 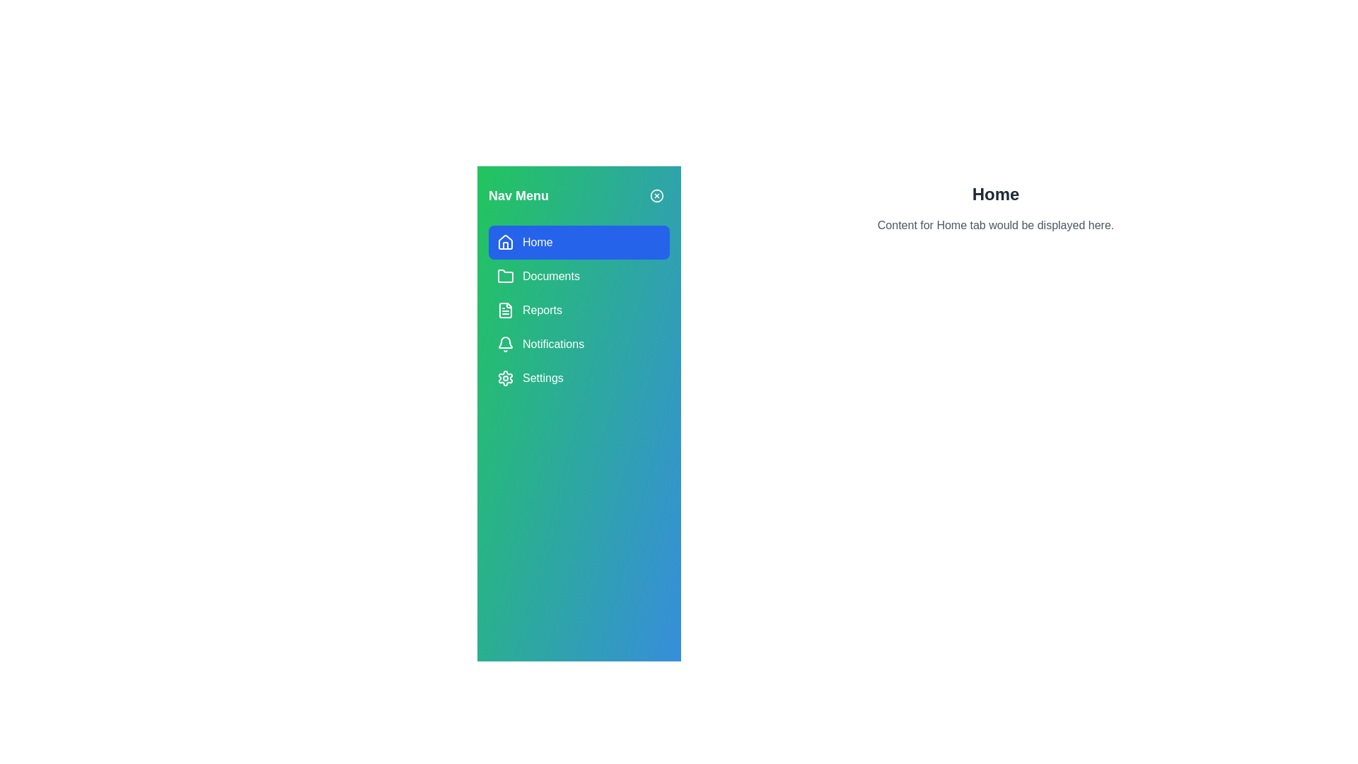 I want to click on the tab Notifications in the navigation menu, so click(x=579, y=344).